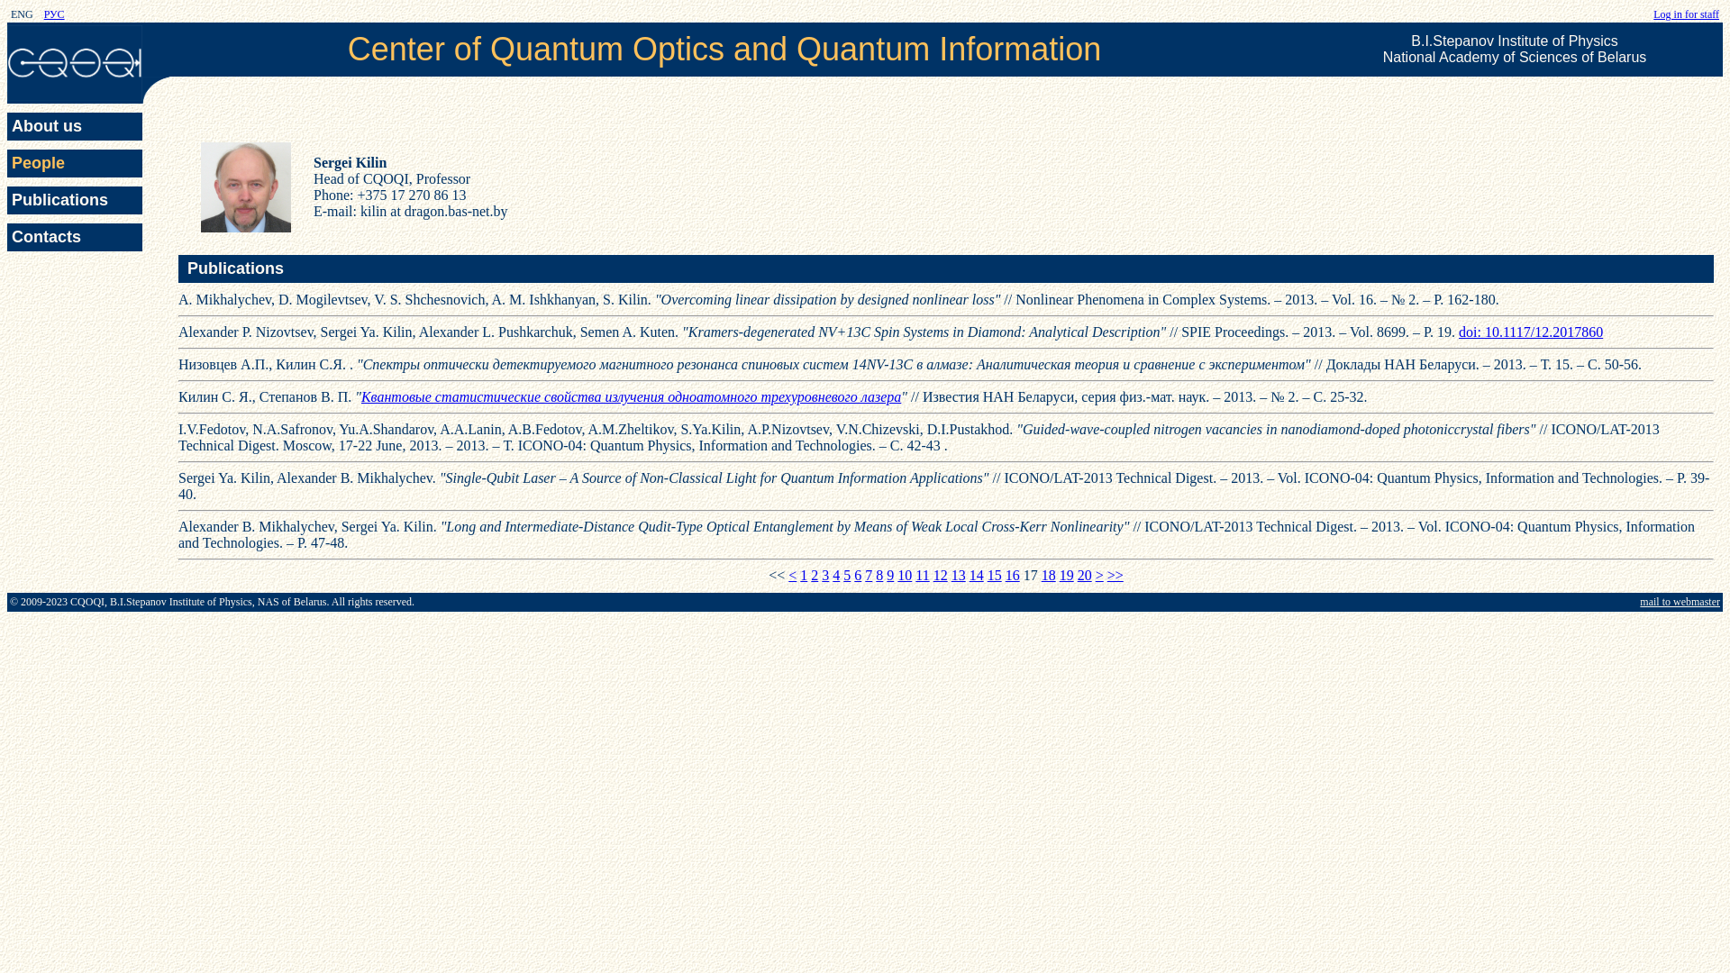 This screenshot has height=973, width=1730. What do you see at coordinates (834, 575) in the screenshot?
I see `'4'` at bounding box center [834, 575].